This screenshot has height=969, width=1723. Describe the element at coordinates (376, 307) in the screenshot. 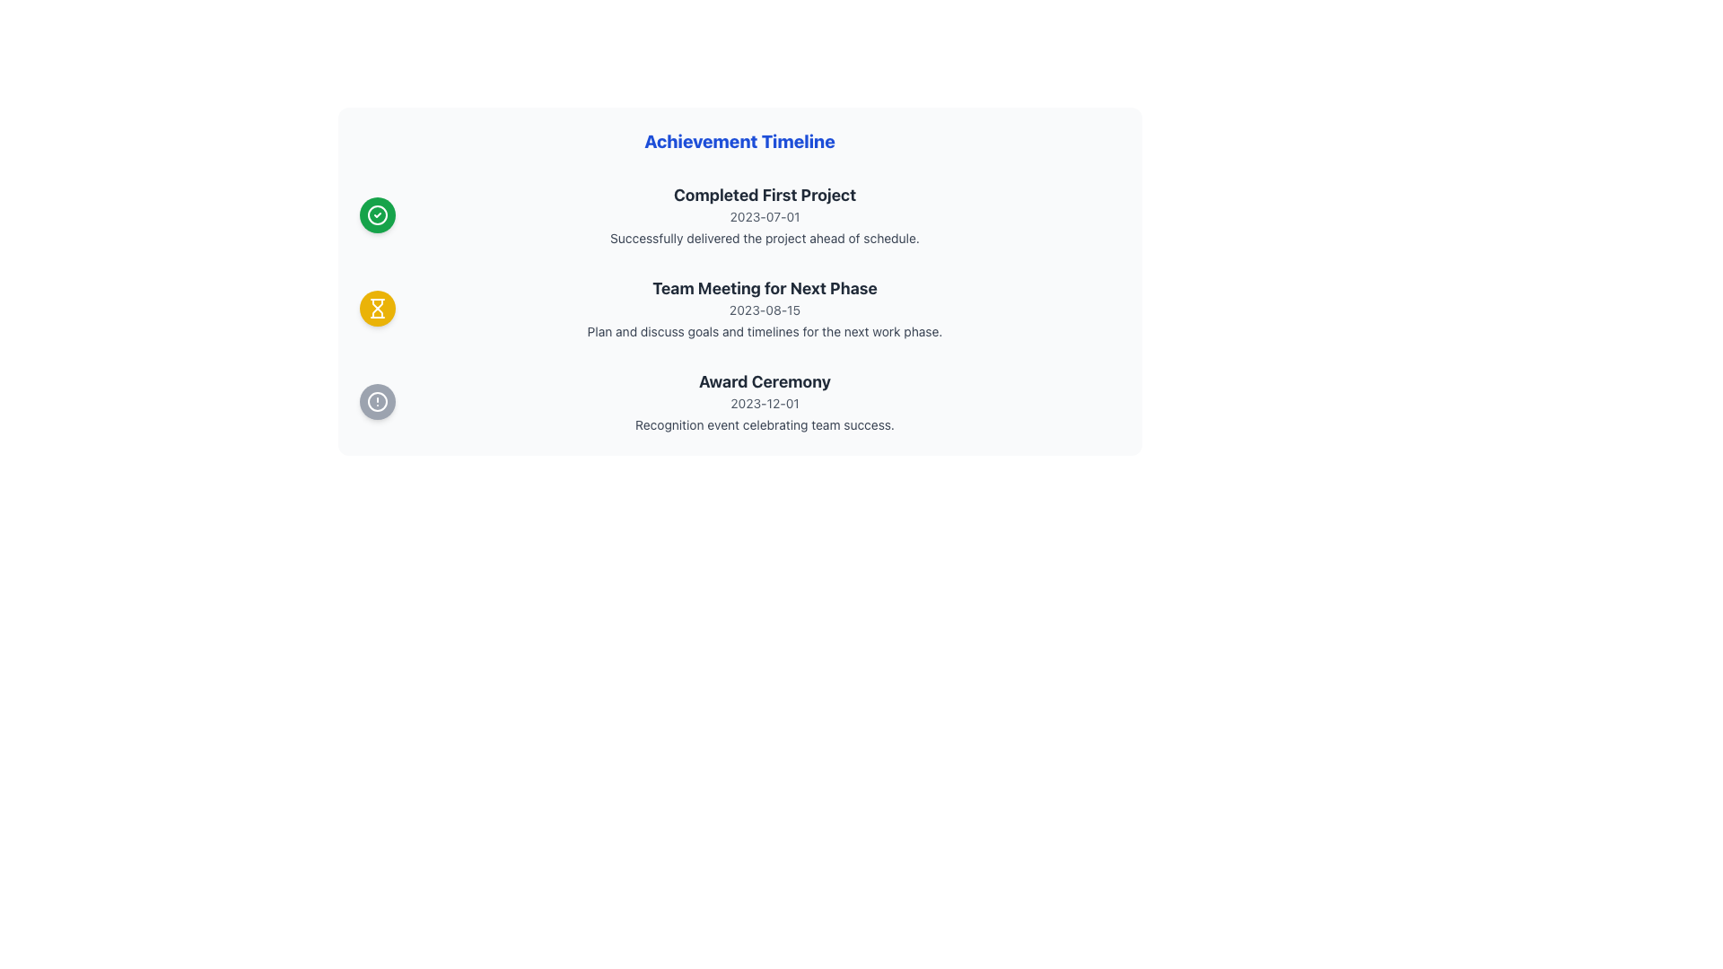

I see `the second circular SVG graphic icon in the vertical sequence on the left side of the timeline, which indicates a pending or ongoing activity` at that location.